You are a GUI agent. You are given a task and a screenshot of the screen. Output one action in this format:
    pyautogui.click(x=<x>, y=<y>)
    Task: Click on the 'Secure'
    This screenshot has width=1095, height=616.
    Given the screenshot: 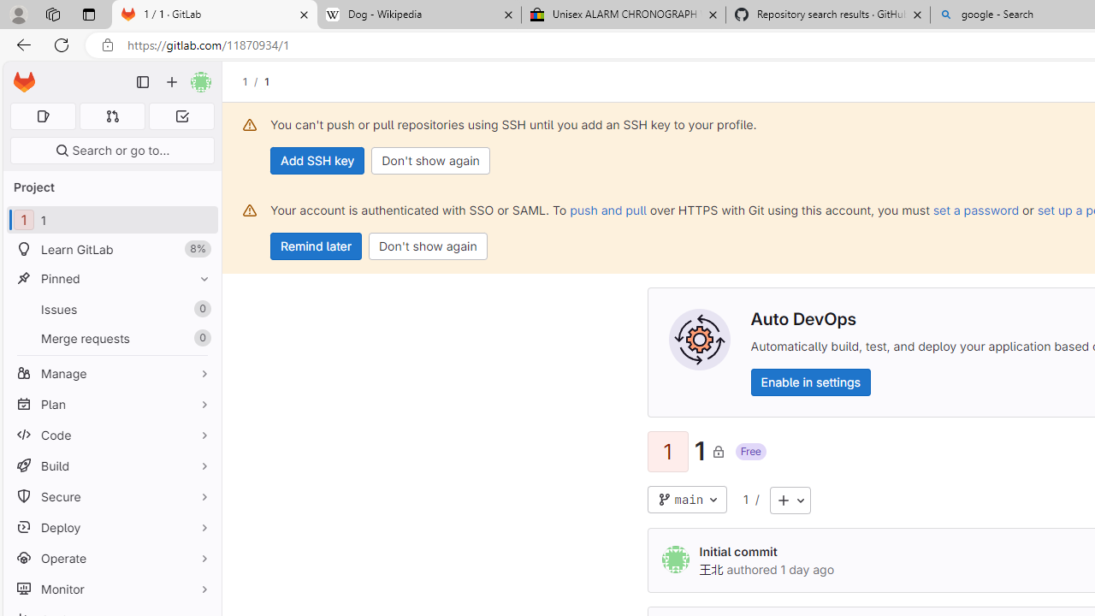 What is the action you would take?
    pyautogui.click(x=111, y=496)
    